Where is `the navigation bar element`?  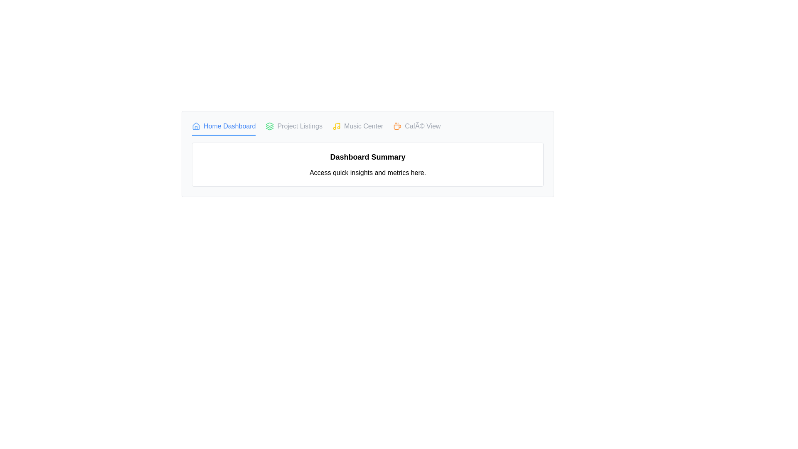
the navigation bar element is located at coordinates (367, 128).